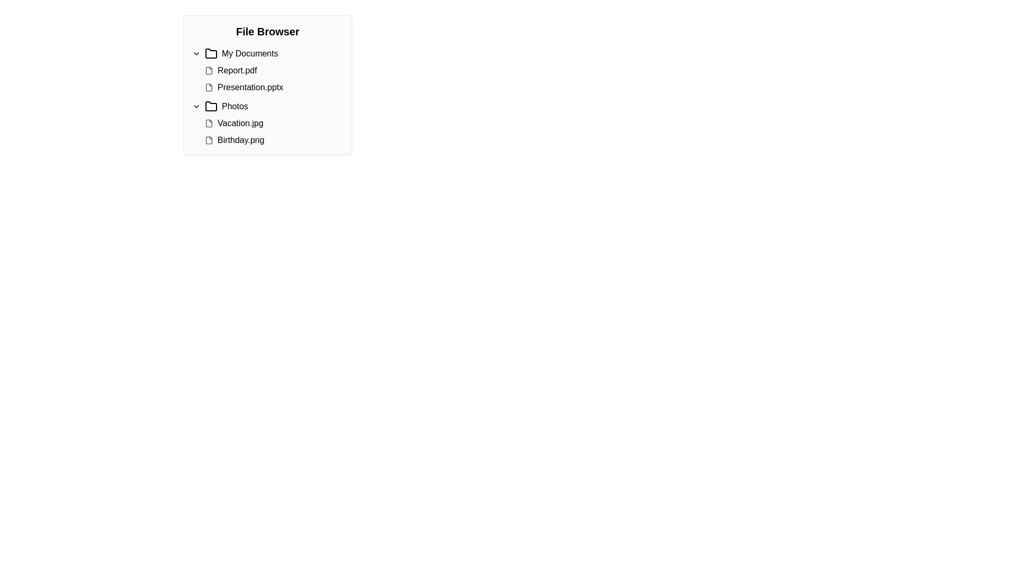  Describe the element at coordinates (211, 53) in the screenshot. I see `the 'My Documents' folder icon, which is the second visual component in the hierarchical file navigation pane` at that location.